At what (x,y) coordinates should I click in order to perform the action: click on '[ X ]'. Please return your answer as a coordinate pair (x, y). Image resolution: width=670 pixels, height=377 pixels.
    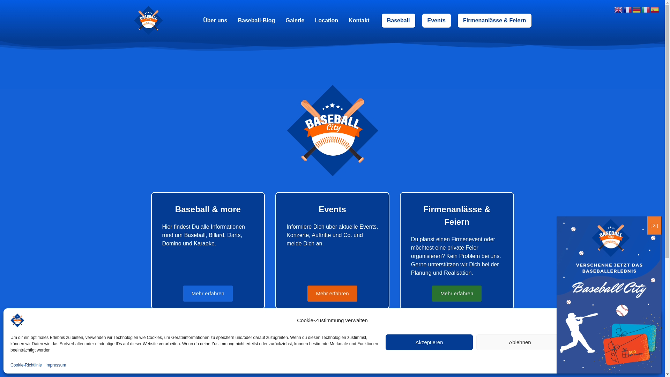
    Looking at the image, I should click on (654, 225).